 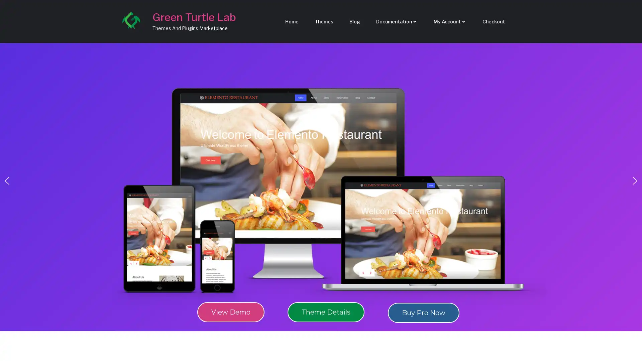 What do you see at coordinates (7, 180) in the screenshot?
I see `previous arrow` at bounding box center [7, 180].